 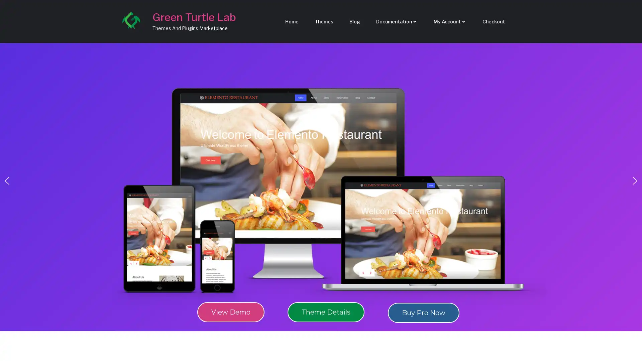 What do you see at coordinates (7, 180) in the screenshot?
I see `previous arrow` at bounding box center [7, 180].